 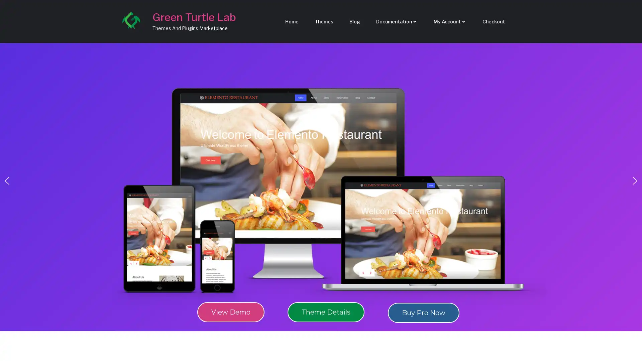 What do you see at coordinates (7, 180) in the screenshot?
I see `previous arrow` at bounding box center [7, 180].